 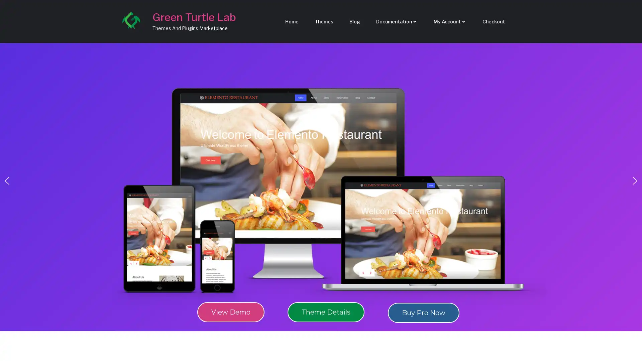 What do you see at coordinates (7, 180) in the screenshot?
I see `previous arrow` at bounding box center [7, 180].